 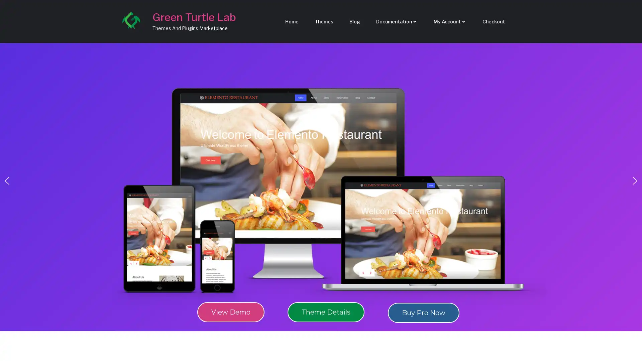 What do you see at coordinates (7, 180) in the screenshot?
I see `previous arrow` at bounding box center [7, 180].